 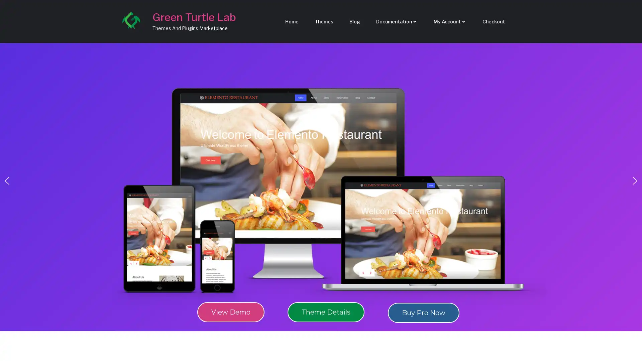 What do you see at coordinates (7, 180) in the screenshot?
I see `previous arrow` at bounding box center [7, 180].